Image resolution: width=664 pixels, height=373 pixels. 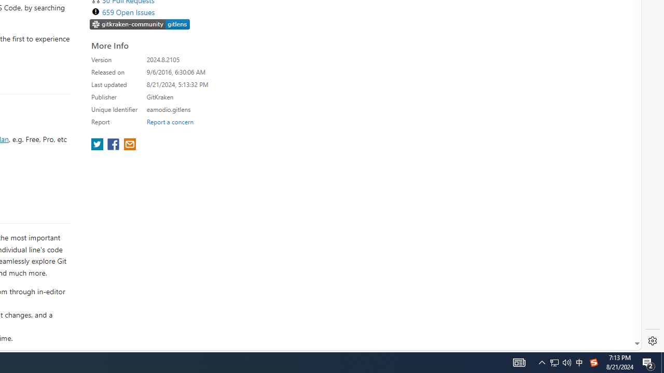 I want to click on 'share extension on facebook', so click(x=114, y=145).